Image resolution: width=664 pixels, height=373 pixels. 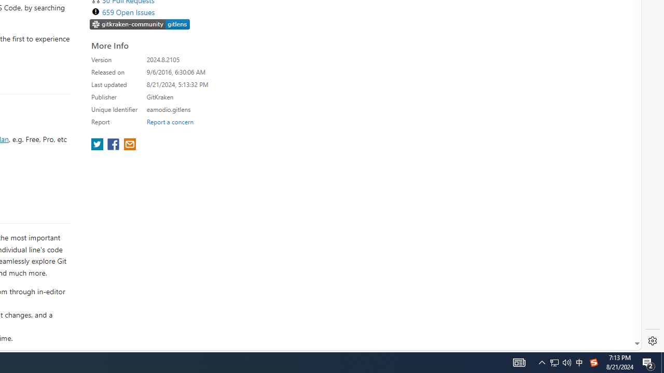 I want to click on 'share extension on facebook', so click(x=114, y=145).